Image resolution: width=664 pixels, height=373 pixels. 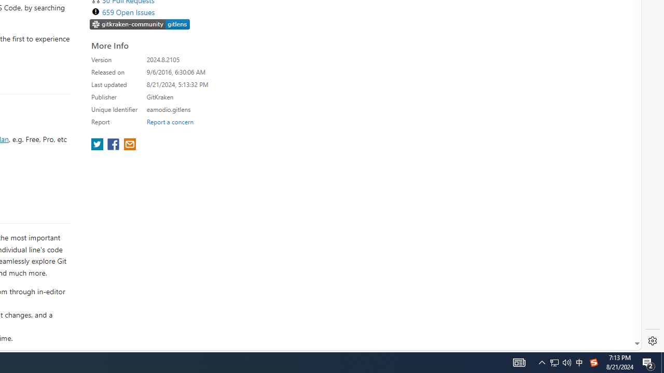 I want to click on 'share extension on facebook', so click(x=114, y=145).